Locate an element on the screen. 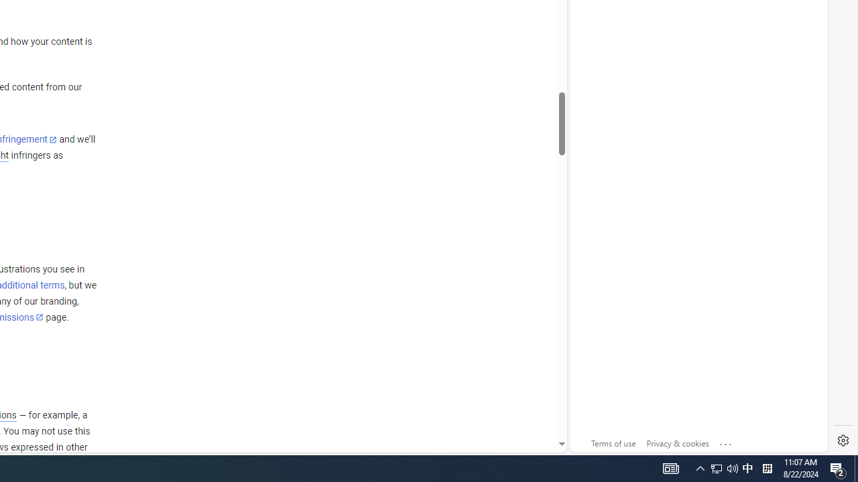 This screenshot has height=482, width=858. 'Privacy & cookies' is located at coordinates (678, 443).